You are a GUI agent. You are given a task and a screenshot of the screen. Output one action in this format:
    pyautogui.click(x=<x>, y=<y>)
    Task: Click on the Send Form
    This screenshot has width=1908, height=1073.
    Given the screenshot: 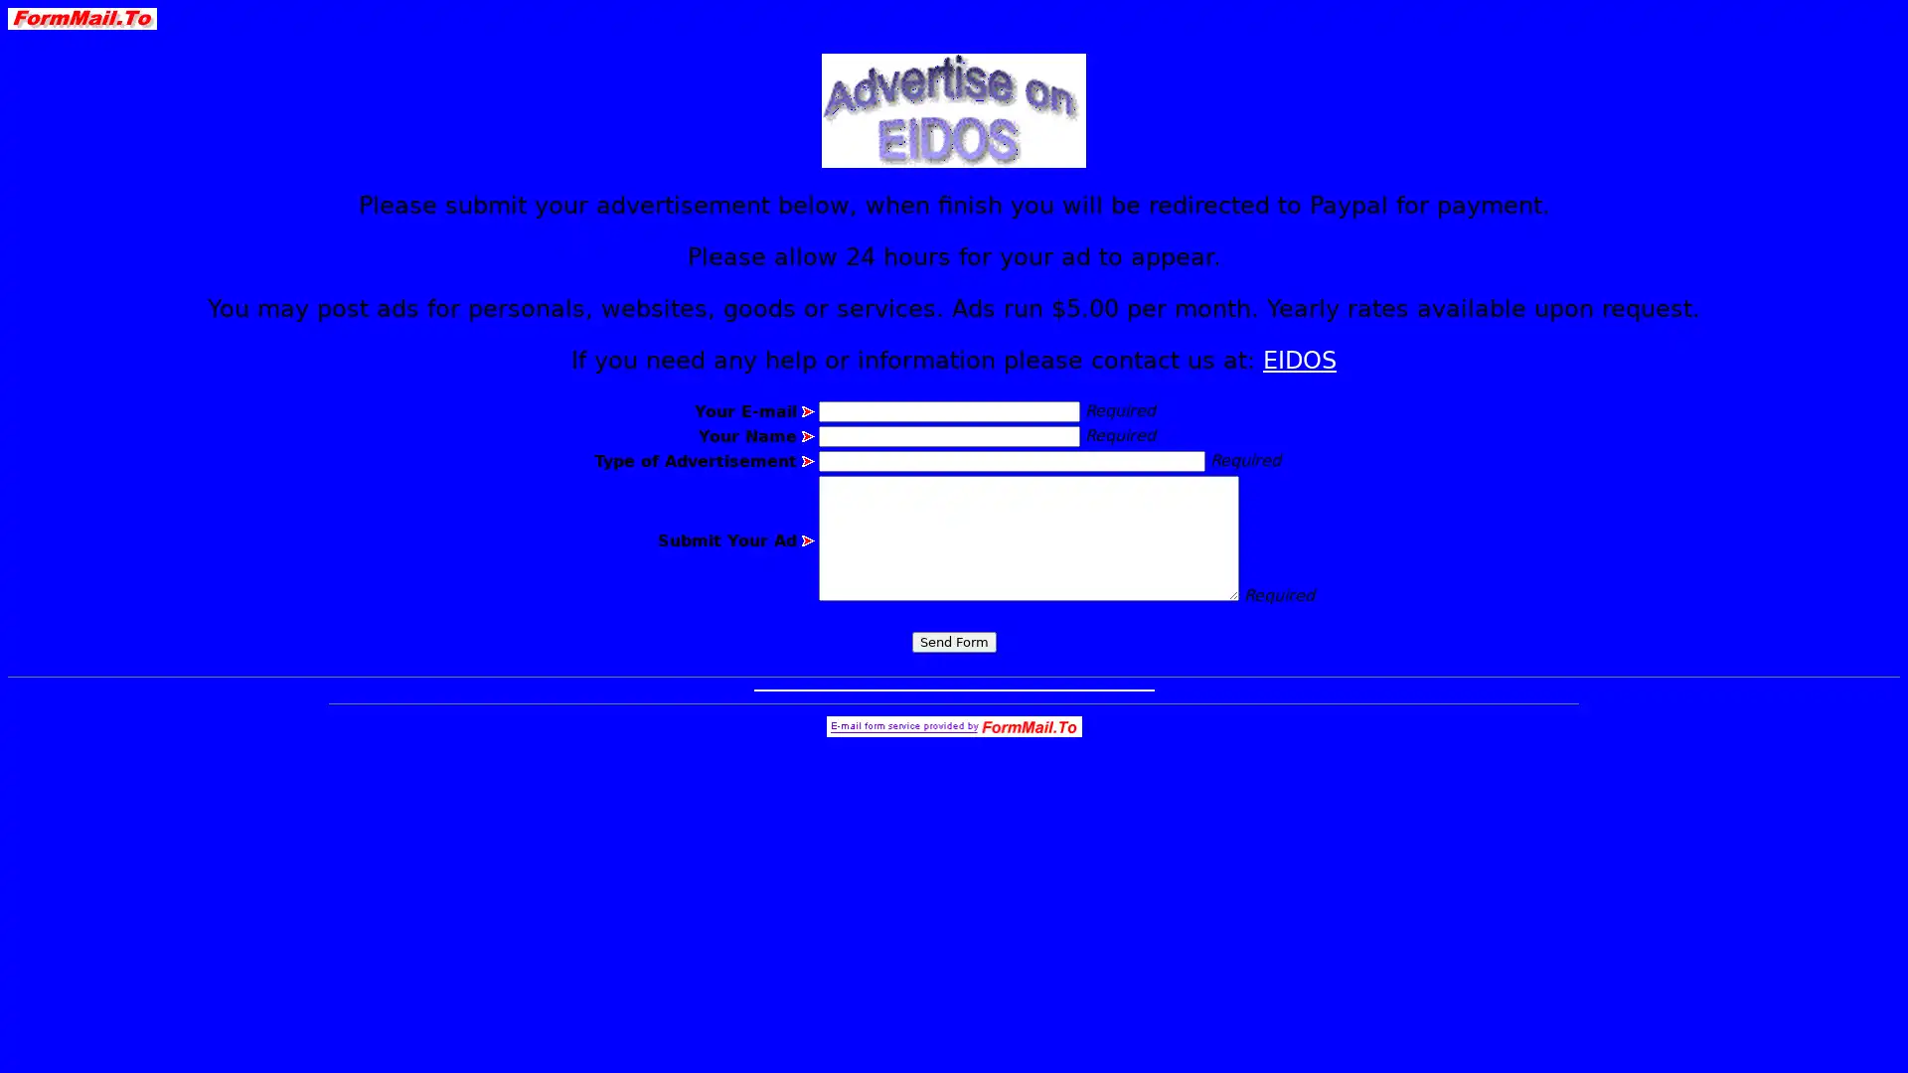 What is the action you would take?
    pyautogui.click(x=952, y=642)
    